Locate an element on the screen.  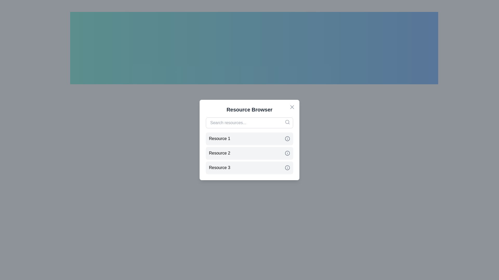
the second list item labeled 'Resource 2' in the dialog titled 'Resource Browser' is located at coordinates (249, 153).